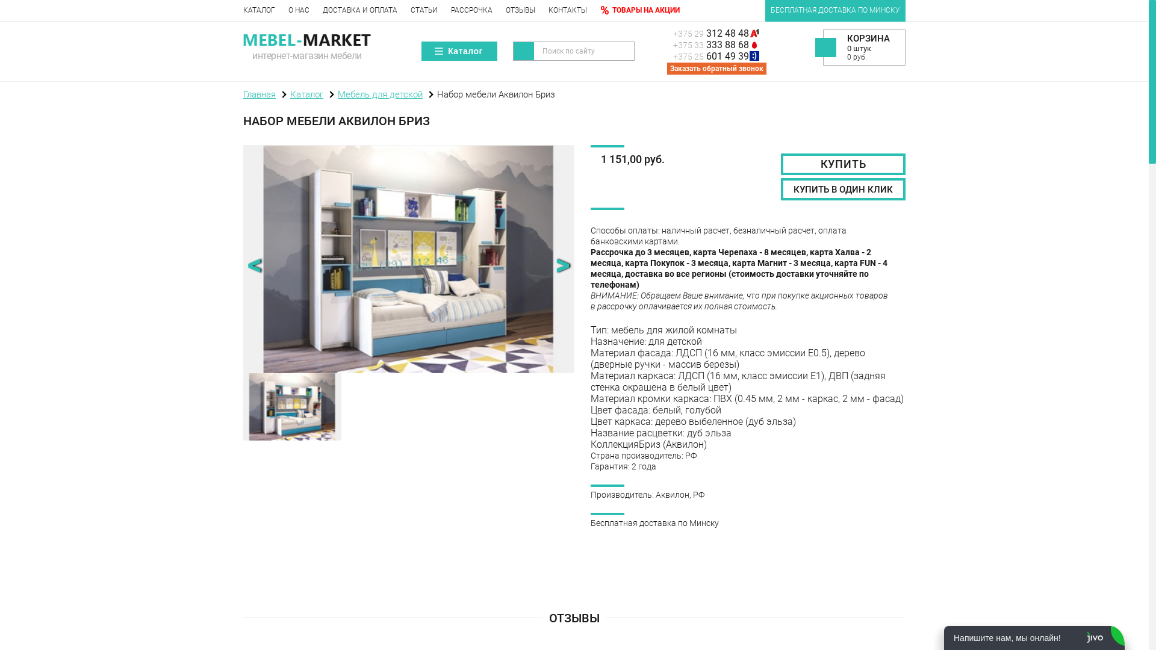  I want to click on '+375 29312 48 48', so click(673, 32).